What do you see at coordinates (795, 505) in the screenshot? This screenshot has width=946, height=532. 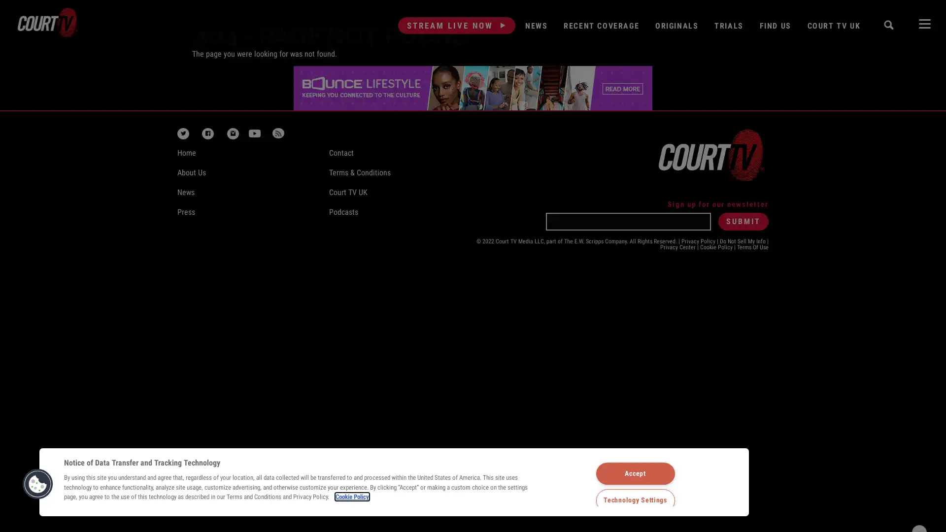 I see `SIGN UP` at bounding box center [795, 505].